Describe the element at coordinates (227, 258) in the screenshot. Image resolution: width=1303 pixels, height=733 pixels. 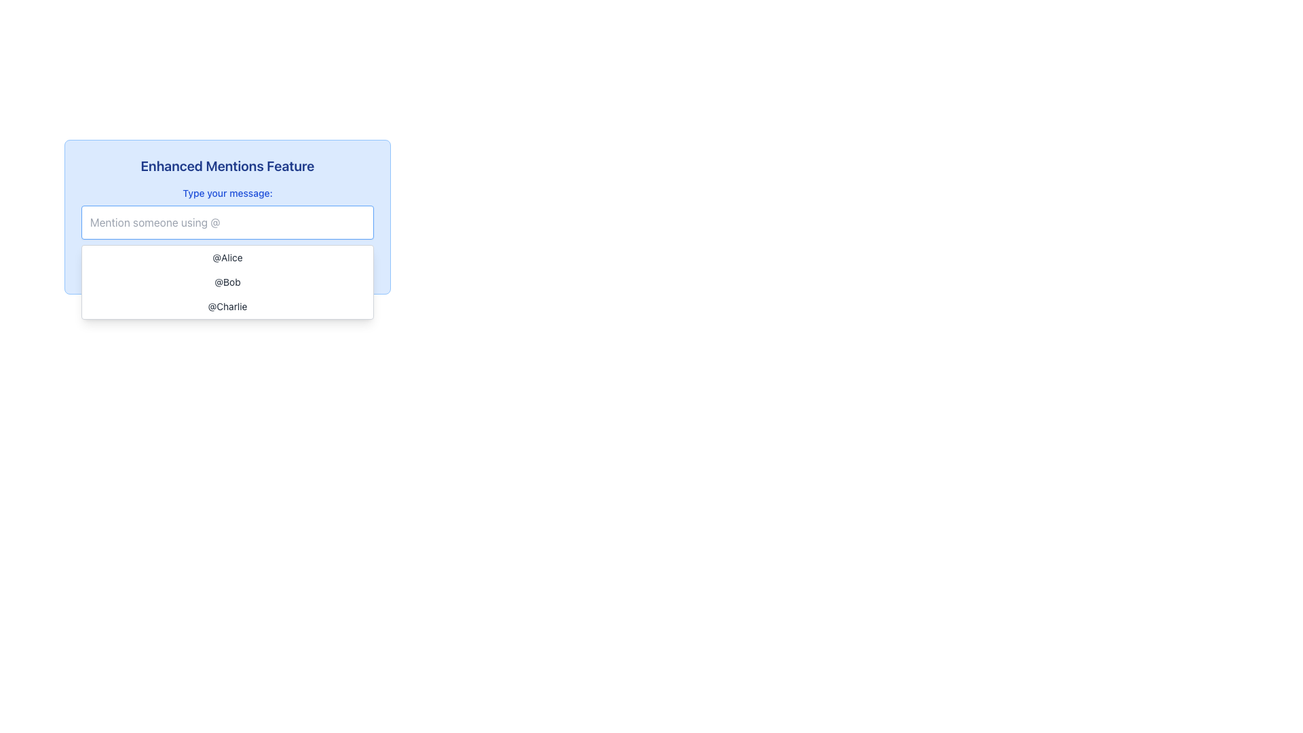
I see `the first item in the dropdown menu for mentioning the user 'Alice' located below the input field labeled 'Mention someone using @'` at that location.